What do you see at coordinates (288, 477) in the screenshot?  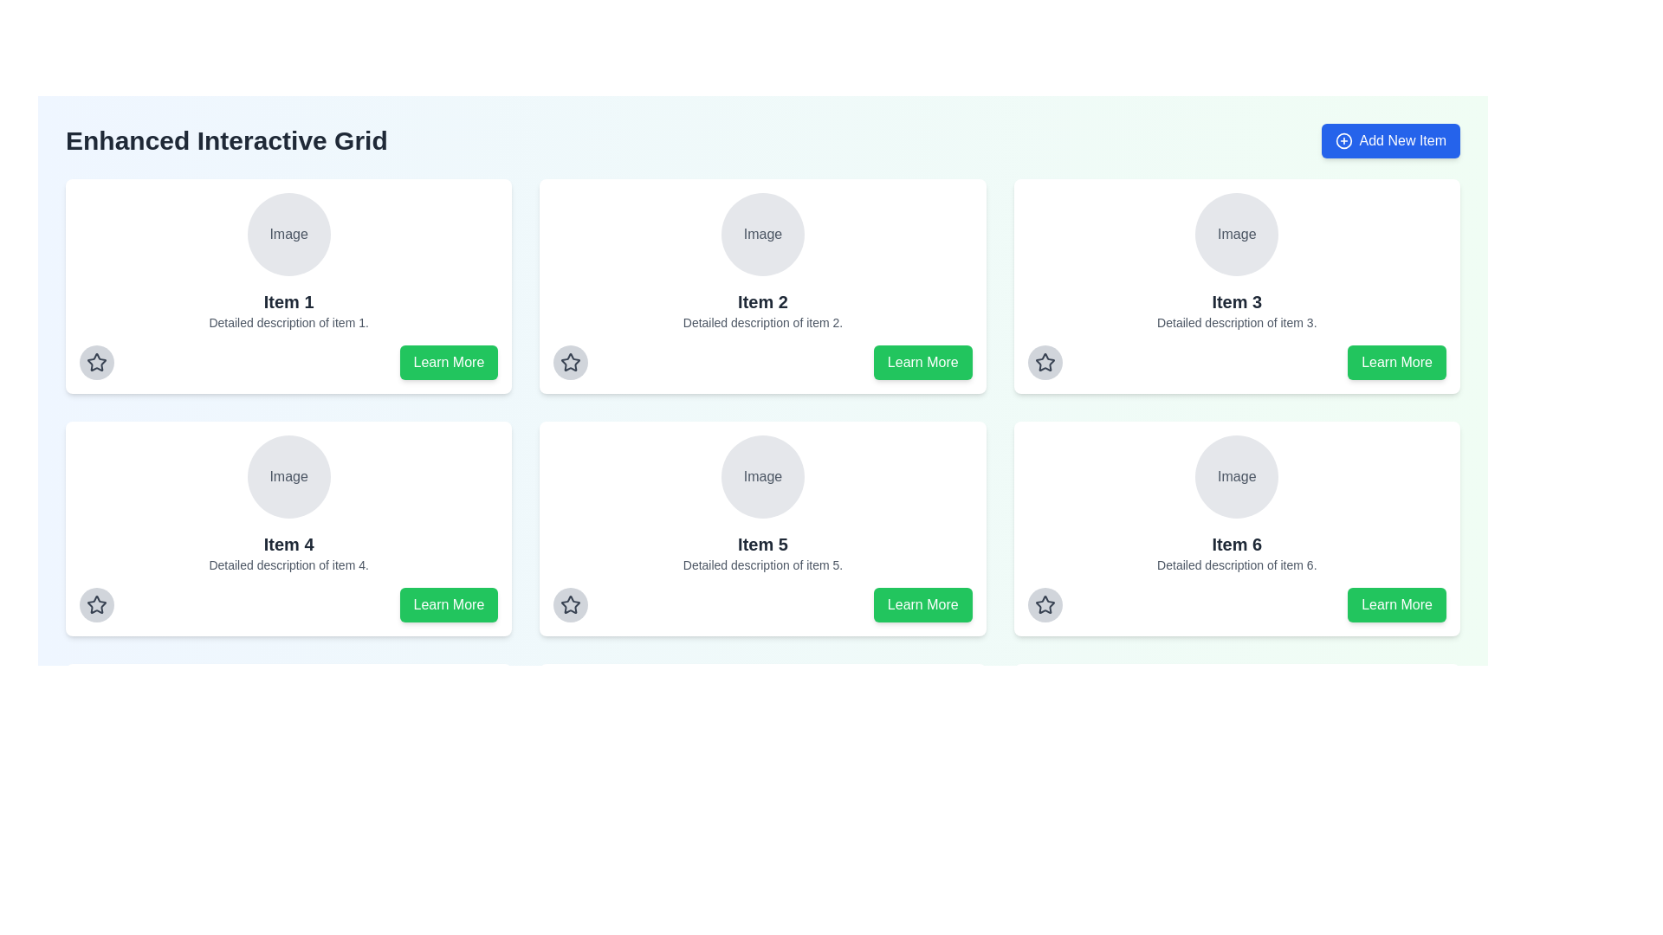 I see `the image placeholder or decorative component located inside the 'Item 4' card, positioned at the top above the 'Item 4' label` at bounding box center [288, 477].